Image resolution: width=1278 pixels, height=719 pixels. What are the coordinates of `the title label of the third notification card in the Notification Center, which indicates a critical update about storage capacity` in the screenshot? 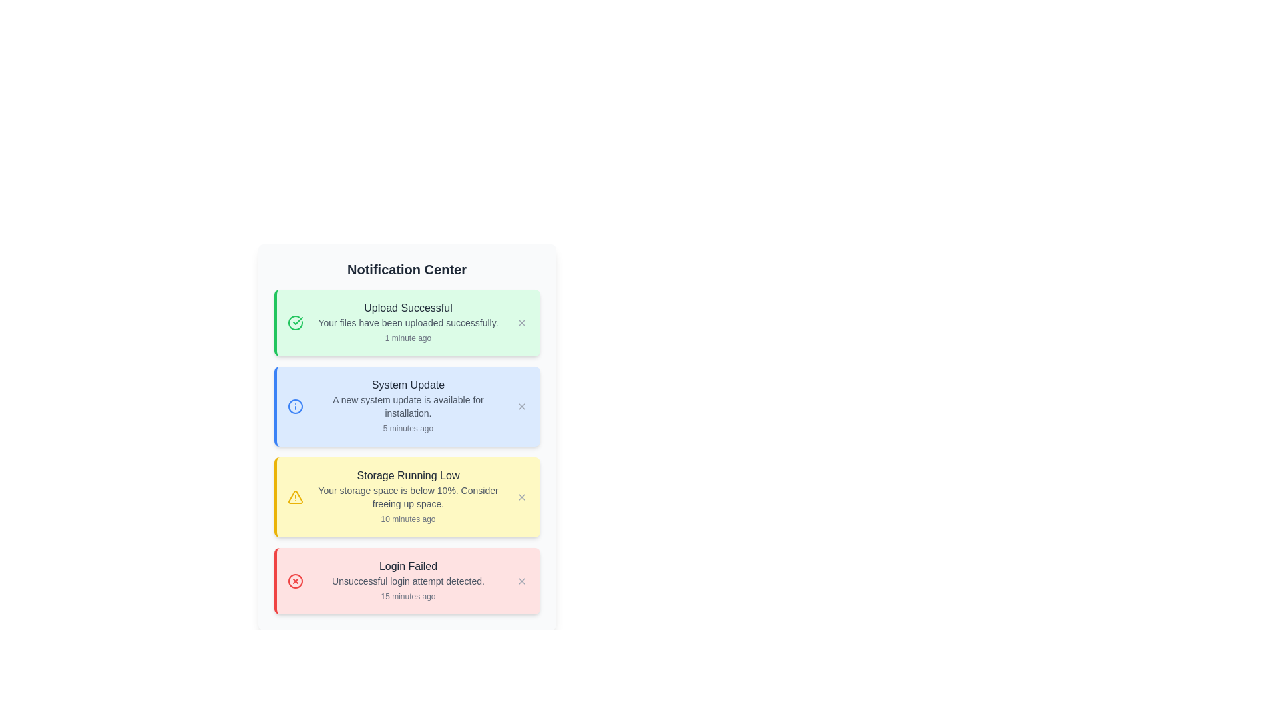 It's located at (407, 475).